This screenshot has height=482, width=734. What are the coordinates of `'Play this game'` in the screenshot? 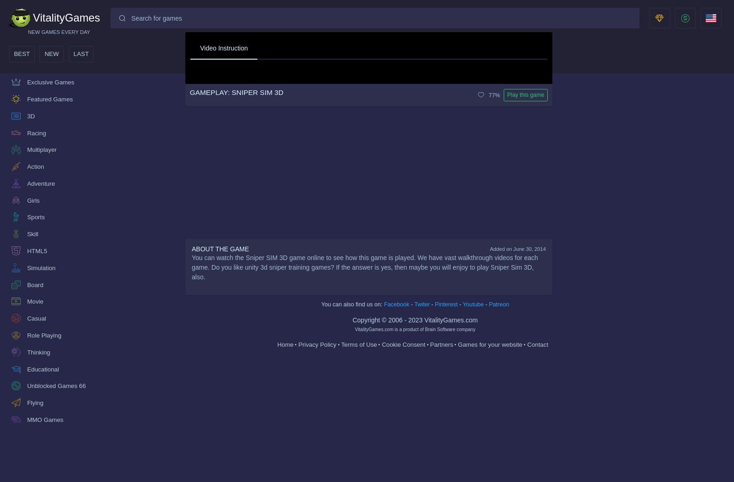 It's located at (525, 94).